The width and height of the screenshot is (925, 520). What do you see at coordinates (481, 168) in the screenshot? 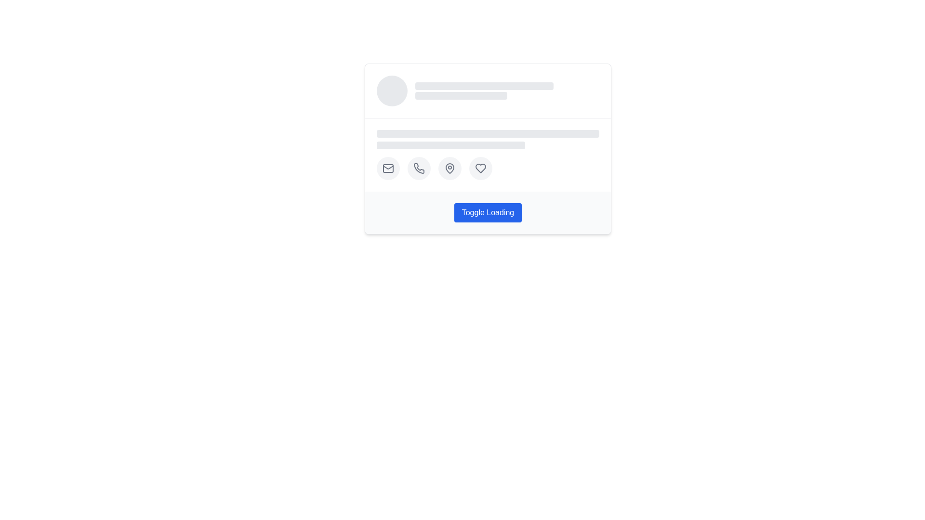
I see `the heart-shaped icon, which is gray and outlined in line art style, located at the bottom center of the interface as the rightmost icon in a horizontal arrangement` at bounding box center [481, 168].